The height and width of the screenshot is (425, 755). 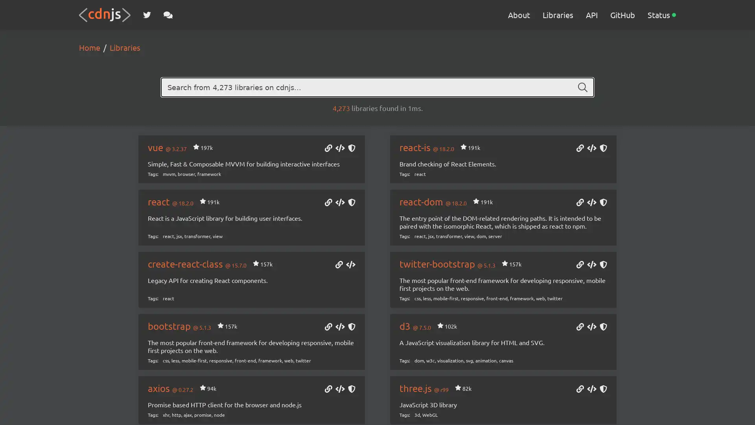 I want to click on Copy URL, so click(x=580, y=327).